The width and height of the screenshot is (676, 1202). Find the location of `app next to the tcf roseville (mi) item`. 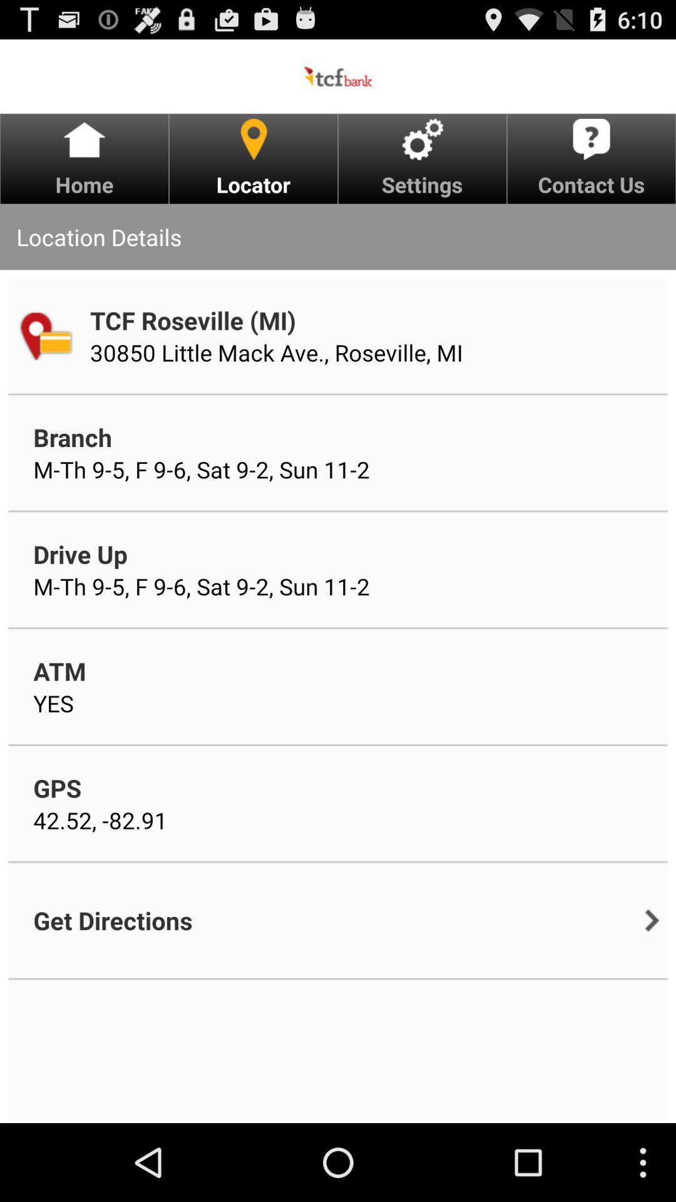

app next to the tcf roseville (mi) item is located at coordinates (44, 336).